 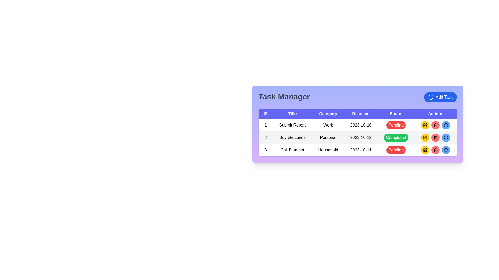 What do you see at coordinates (266, 150) in the screenshot?
I see `the label that identifies the third task in the table under the 'ID' header` at bounding box center [266, 150].